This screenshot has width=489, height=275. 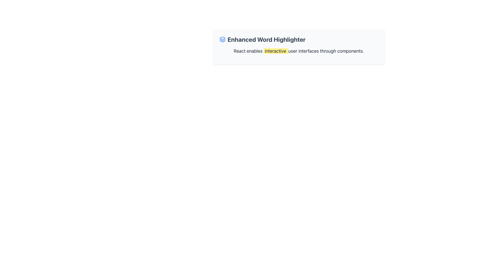 What do you see at coordinates (299, 47) in the screenshot?
I see `the highlighted word 'interactive' in the text block that describes the interactive word highlighting feature` at bounding box center [299, 47].